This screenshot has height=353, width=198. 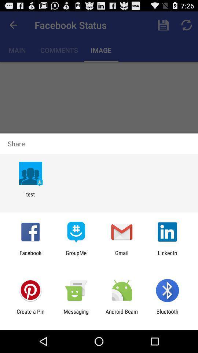 What do you see at coordinates (76, 314) in the screenshot?
I see `icon next to android beam app` at bounding box center [76, 314].